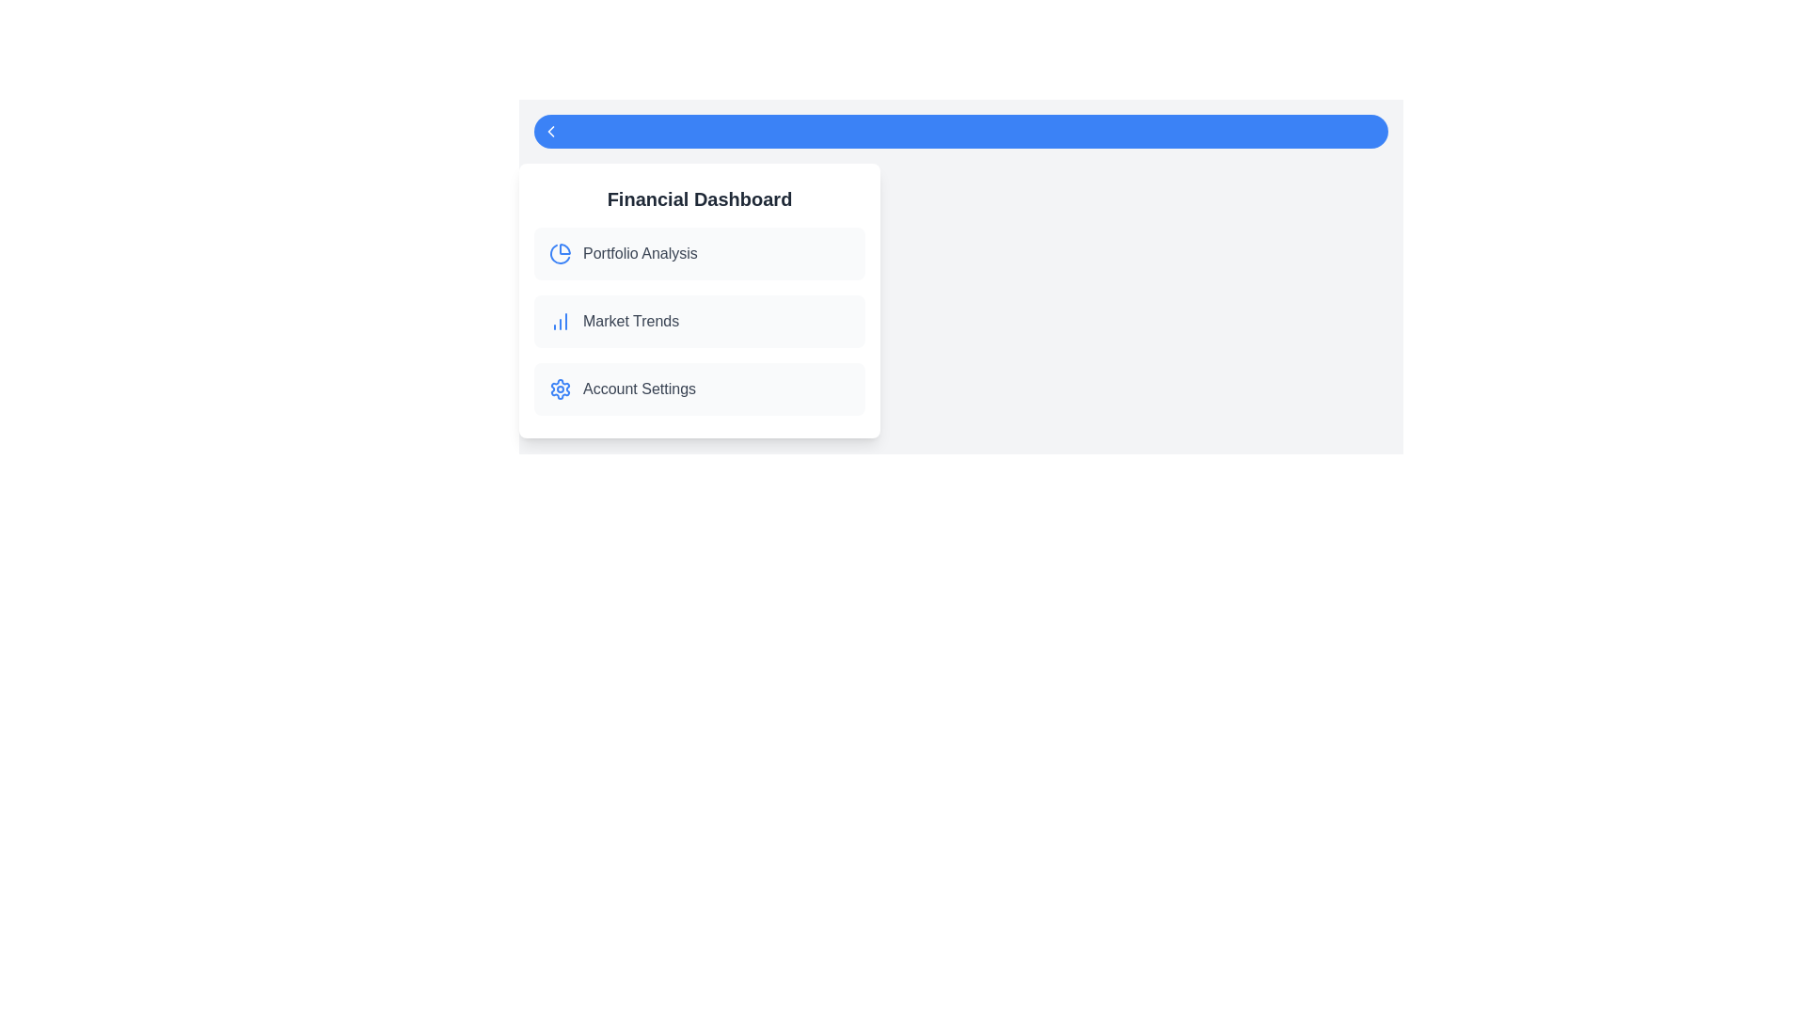 The image size is (1806, 1016). I want to click on the 'Account Settings' panel, so click(699, 388).